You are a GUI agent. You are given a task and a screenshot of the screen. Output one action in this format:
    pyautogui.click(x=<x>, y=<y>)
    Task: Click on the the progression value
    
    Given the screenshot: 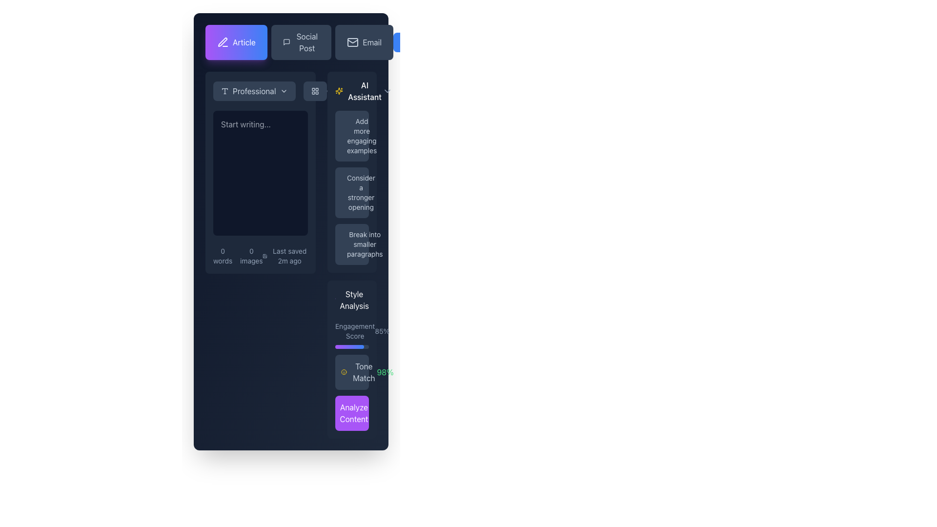 What is the action you would take?
    pyautogui.click(x=354, y=346)
    